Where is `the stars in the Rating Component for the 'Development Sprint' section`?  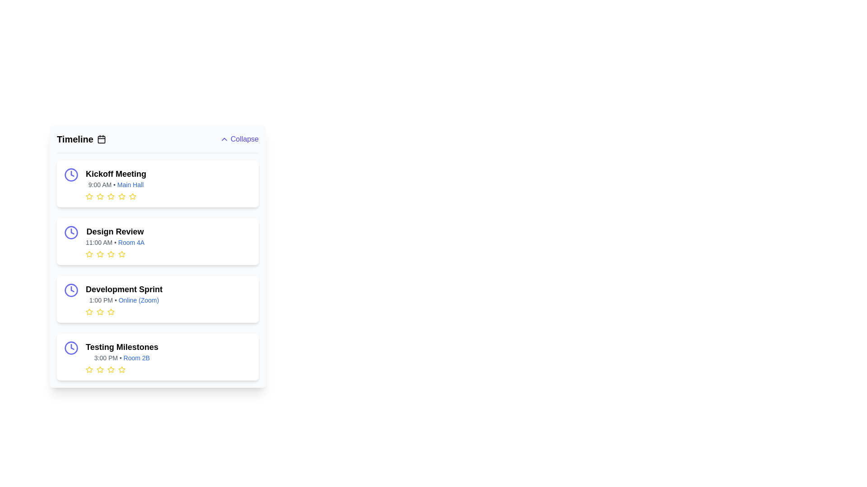
the stars in the Rating Component for the 'Development Sprint' section is located at coordinates (123, 311).